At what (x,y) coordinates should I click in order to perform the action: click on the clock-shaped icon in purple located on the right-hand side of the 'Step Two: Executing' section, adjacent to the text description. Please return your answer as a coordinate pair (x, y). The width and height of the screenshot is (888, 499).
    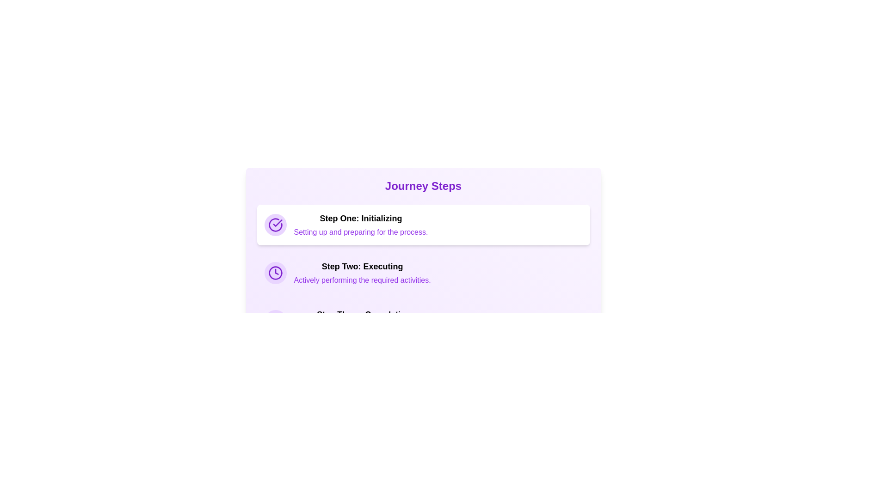
    Looking at the image, I should click on (275, 272).